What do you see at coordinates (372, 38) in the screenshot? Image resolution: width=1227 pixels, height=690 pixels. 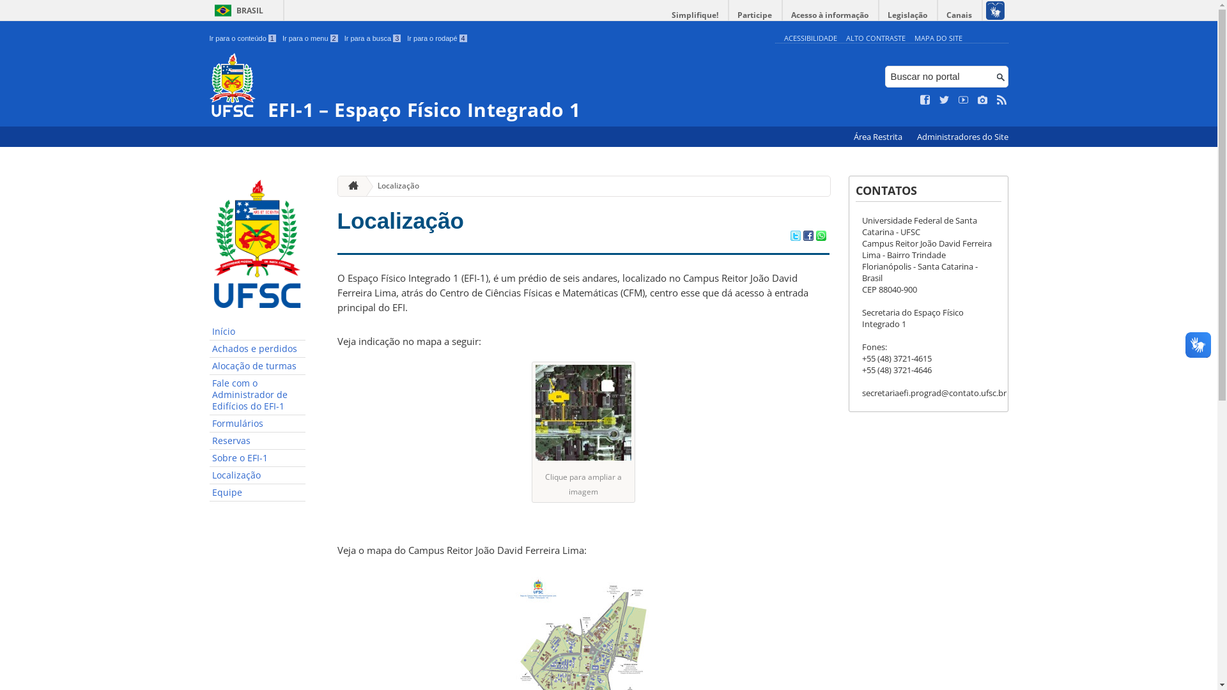 I see `'Ir para a busca 3'` at bounding box center [372, 38].